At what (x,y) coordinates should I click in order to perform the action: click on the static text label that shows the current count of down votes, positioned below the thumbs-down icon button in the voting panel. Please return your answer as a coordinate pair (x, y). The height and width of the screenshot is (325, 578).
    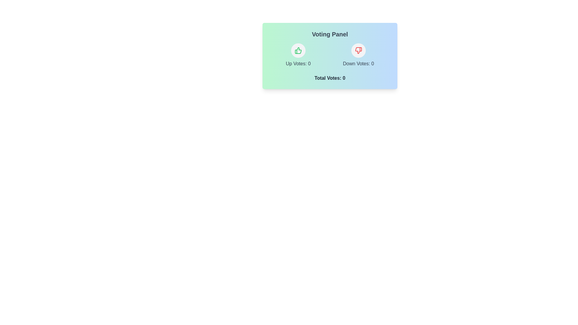
    Looking at the image, I should click on (358, 64).